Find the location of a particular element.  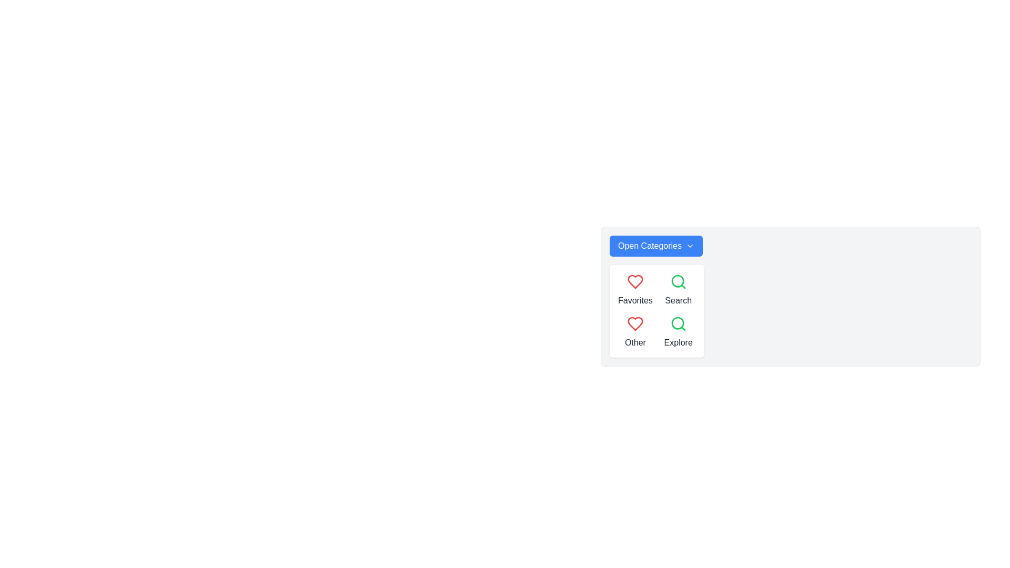

the 'Favorites' text label, which is styled in dark gray and positioned directly below a red heart icon in a menu layout is located at coordinates (634, 300).